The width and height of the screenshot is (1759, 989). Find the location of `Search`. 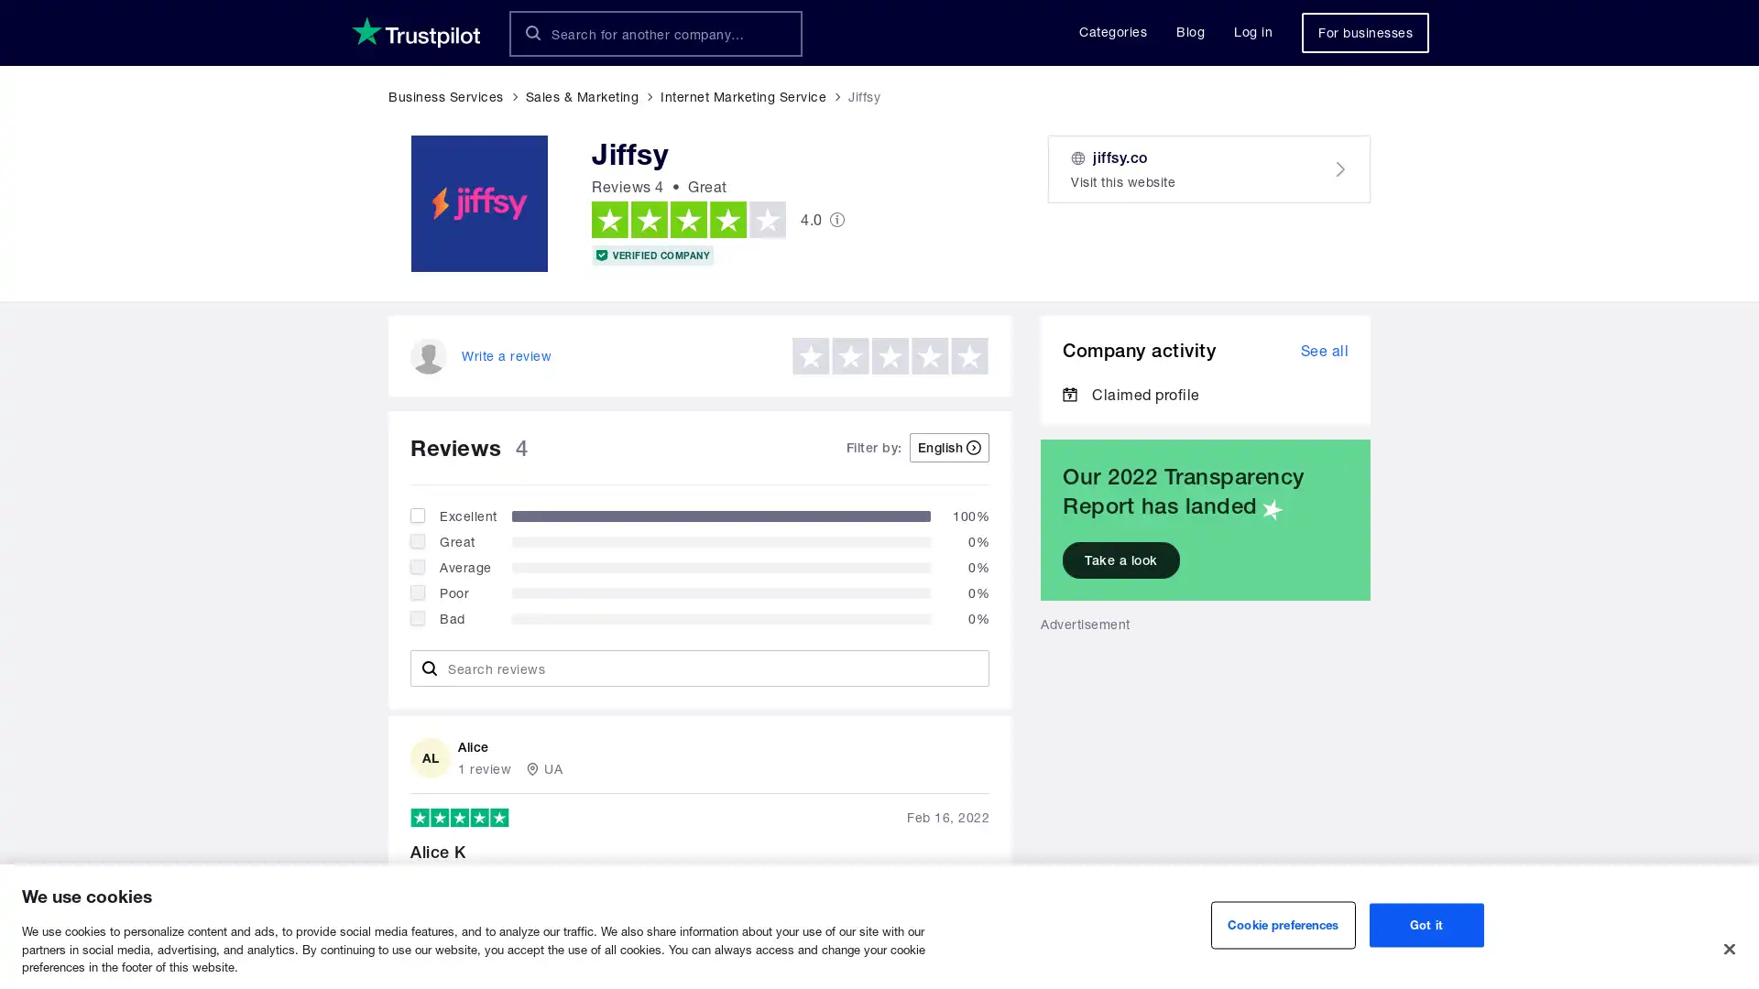

Search is located at coordinates (531, 33).